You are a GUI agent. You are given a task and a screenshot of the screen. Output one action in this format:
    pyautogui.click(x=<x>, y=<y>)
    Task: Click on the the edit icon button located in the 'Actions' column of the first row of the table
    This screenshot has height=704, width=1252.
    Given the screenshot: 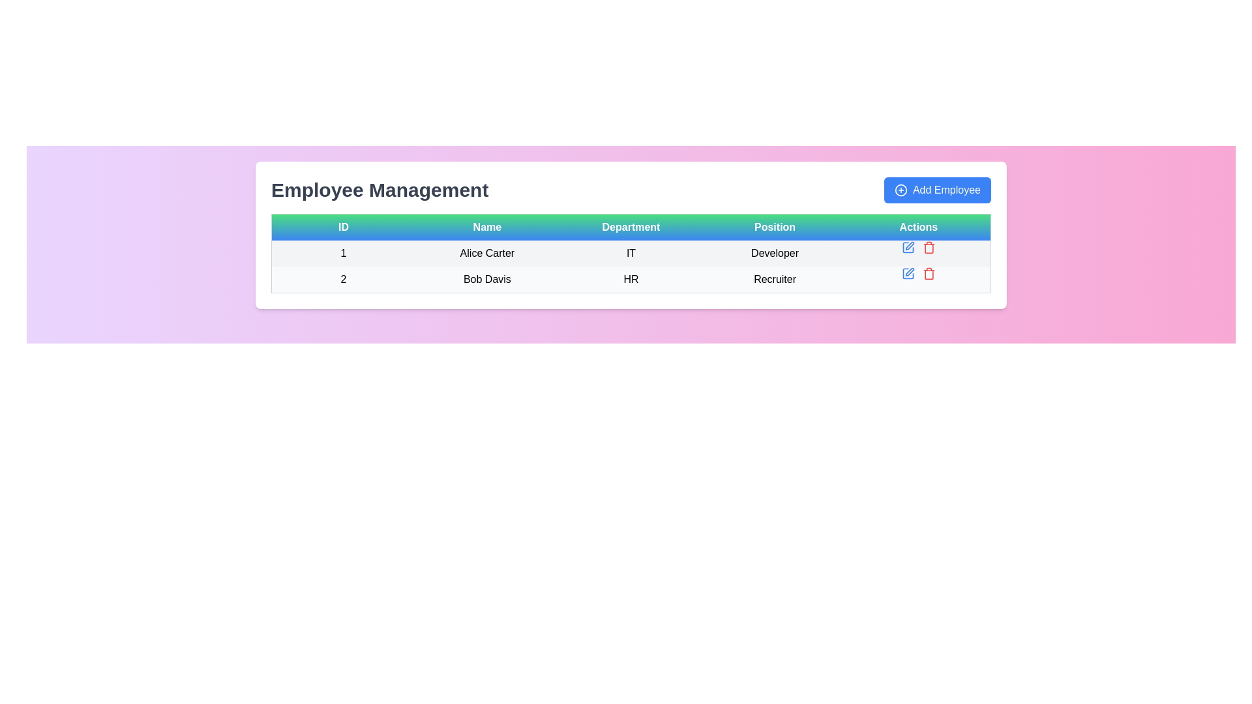 What is the action you would take?
    pyautogui.click(x=907, y=248)
    